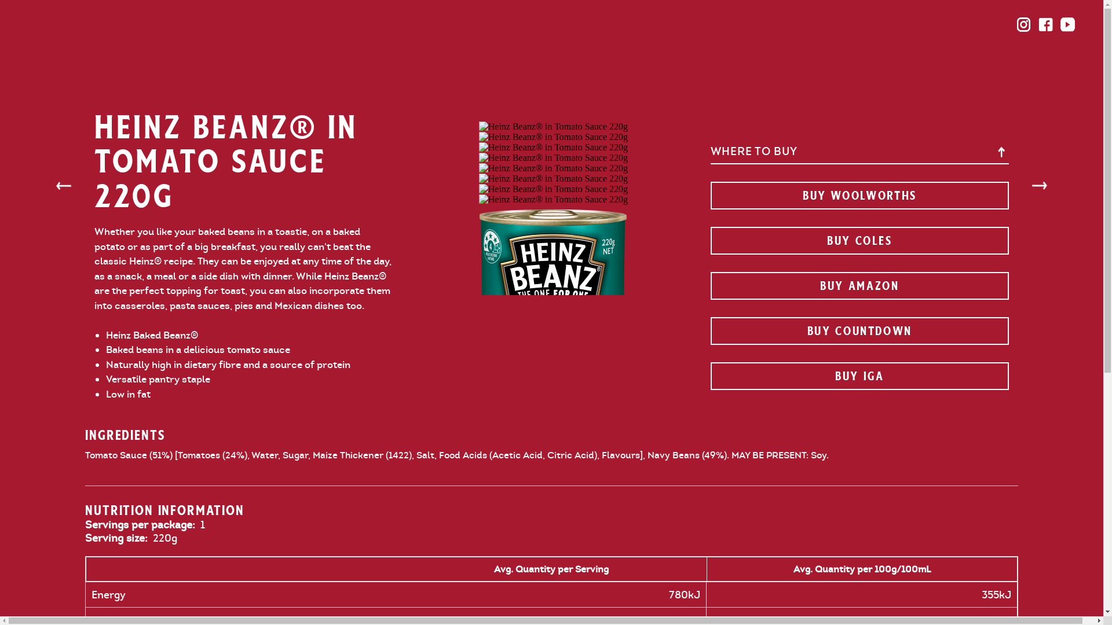 This screenshot has width=1112, height=625. What do you see at coordinates (859, 195) in the screenshot?
I see `'Buy Woolworths'` at bounding box center [859, 195].